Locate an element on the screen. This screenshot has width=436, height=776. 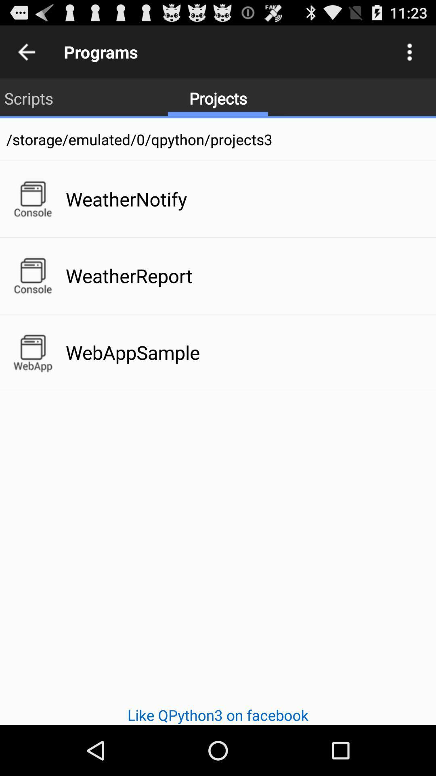
more details is located at coordinates (409, 51).